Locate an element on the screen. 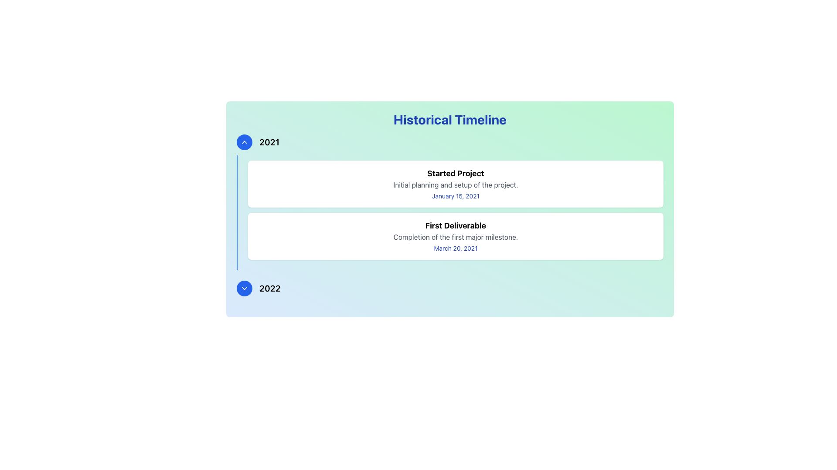  the text element titled 'Started Project', which is styled in bold, large black font and positioned at the upper part of a timeline card, just below the '2021' label is located at coordinates (455, 173).